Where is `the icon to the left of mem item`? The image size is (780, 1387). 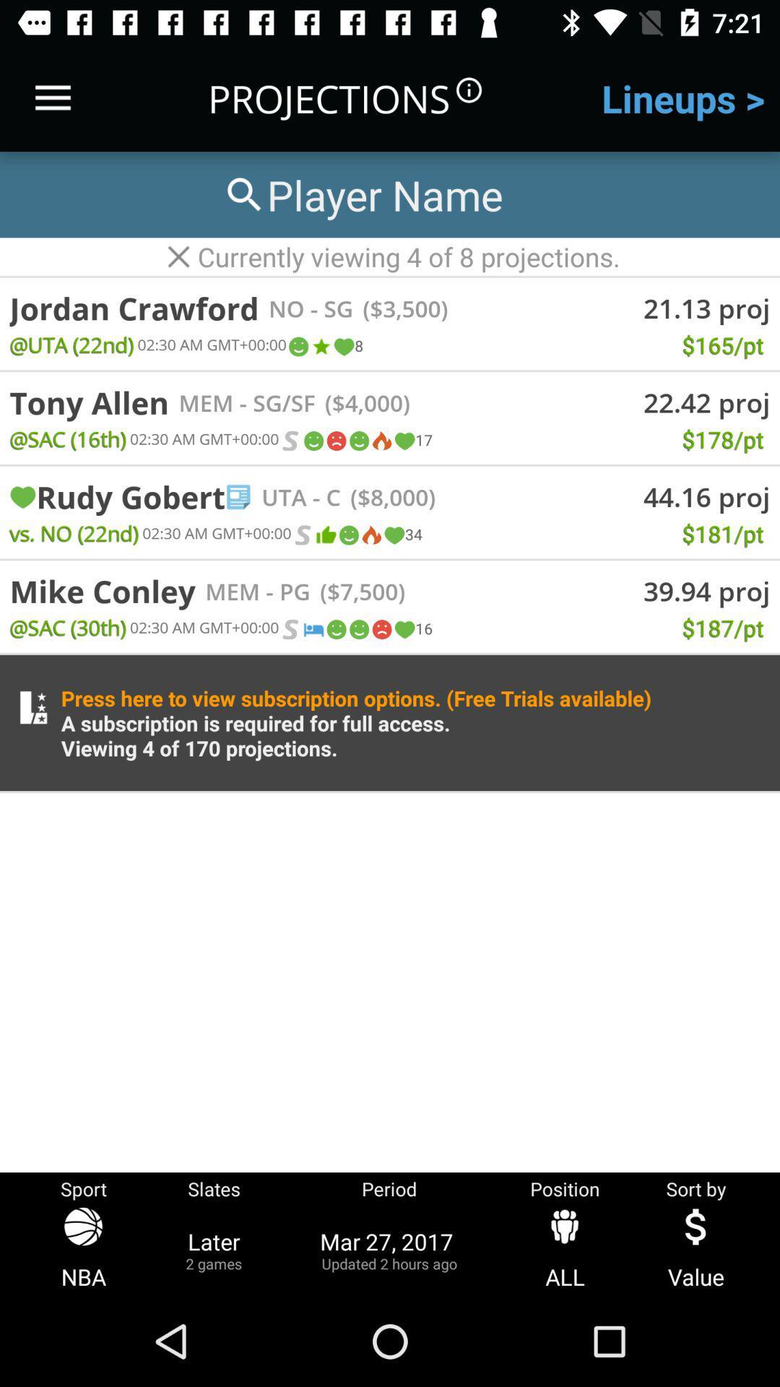
the icon to the left of mem item is located at coordinates (102, 591).